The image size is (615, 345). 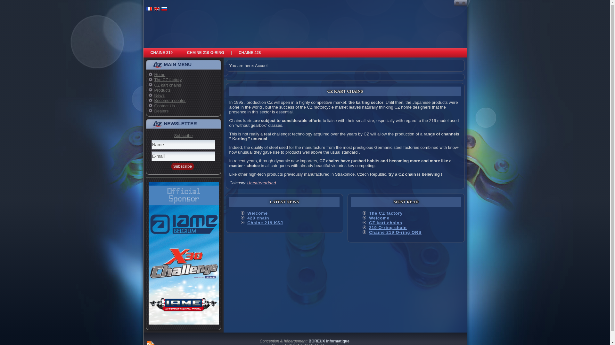 I want to click on 'The CZ factory', so click(x=168, y=79).